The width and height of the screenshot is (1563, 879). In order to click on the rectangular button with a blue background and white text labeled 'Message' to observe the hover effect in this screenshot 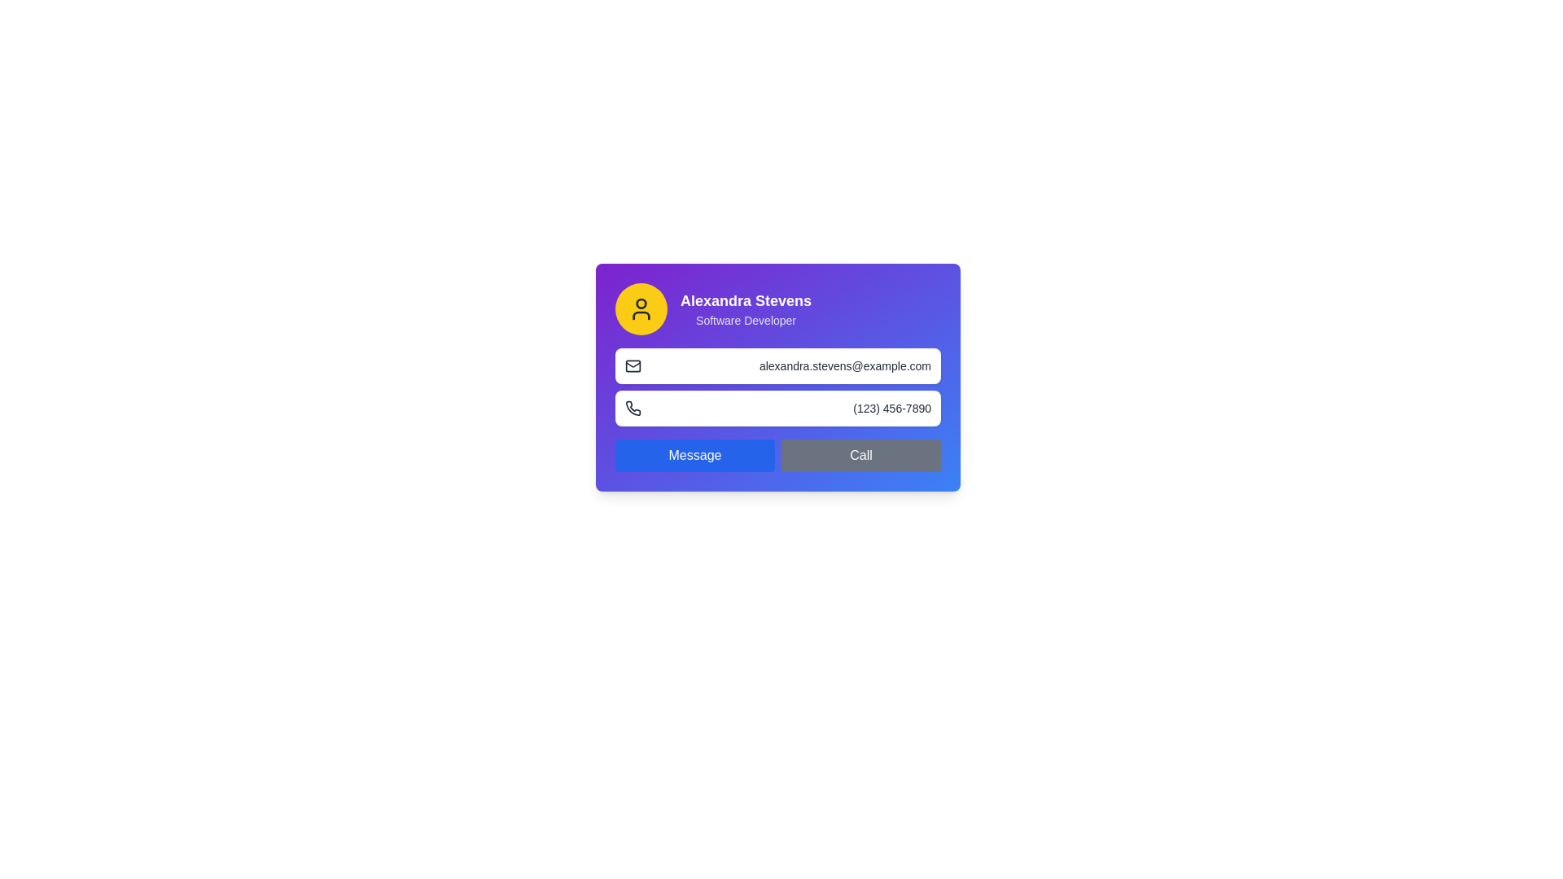, I will do `click(695, 455)`.